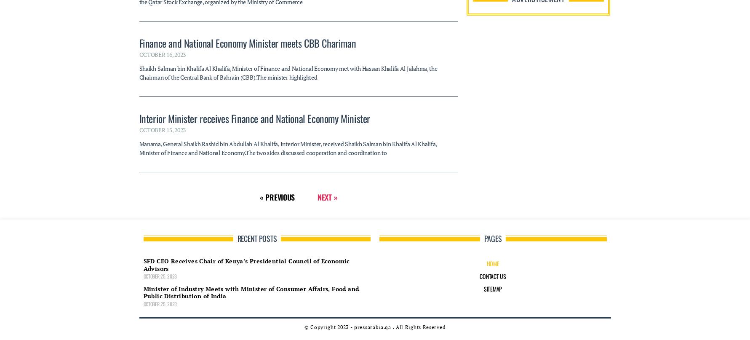  What do you see at coordinates (492, 99) in the screenshot?
I see `'Home'` at bounding box center [492, 99].